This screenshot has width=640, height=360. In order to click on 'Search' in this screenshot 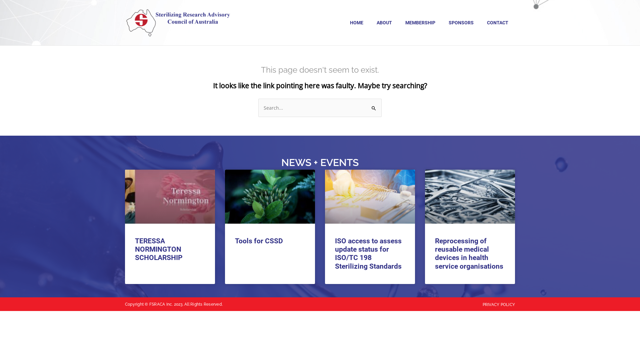, I will do `click(374, 105)`.